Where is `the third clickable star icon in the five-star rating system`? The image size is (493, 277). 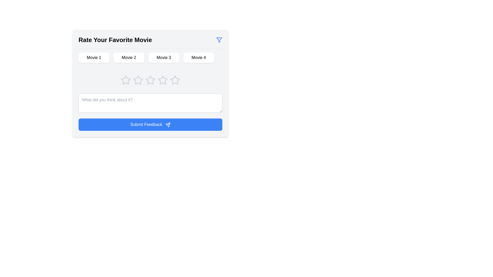 the third clickable star icon in the five-star rating system is located at coordinates (162, 80).